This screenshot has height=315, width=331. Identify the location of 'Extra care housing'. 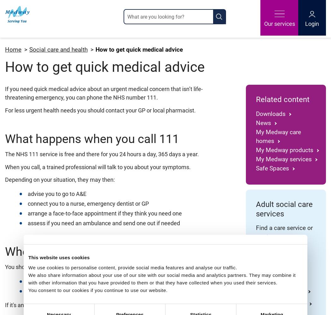
(255, 291).